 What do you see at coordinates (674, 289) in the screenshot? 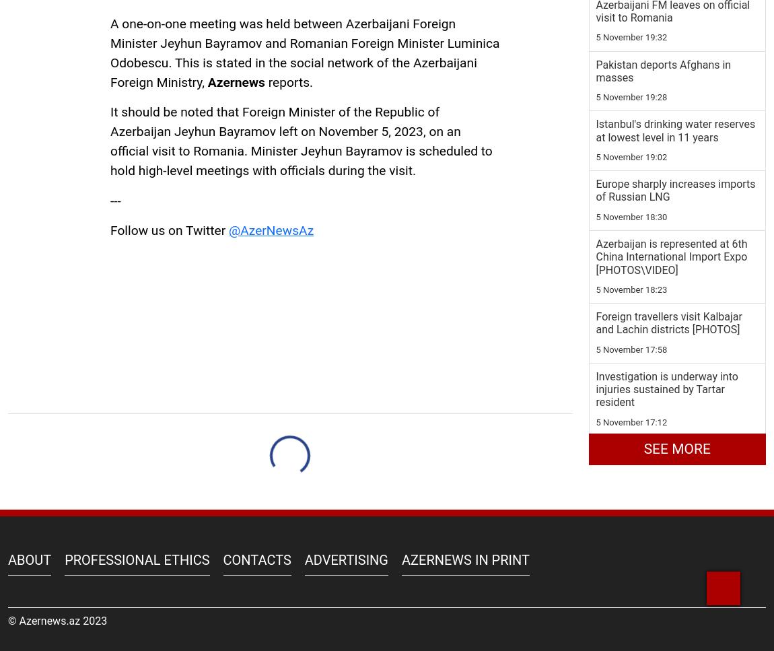
I see `'Azerbaijan, Germany enjoy huge potential for cooperation in many areas'` at bounding box center [674, 289].